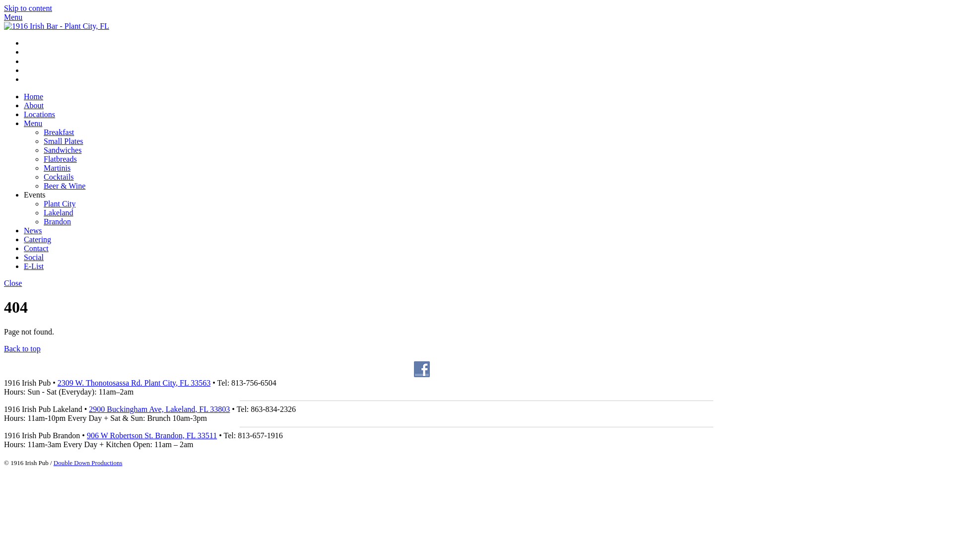 The height and width of the screenshot is (536, 953). What do you see at coordinates (57, 167) in the screenshot?
I see `'Martinis'` at bounding box center [57, 167].